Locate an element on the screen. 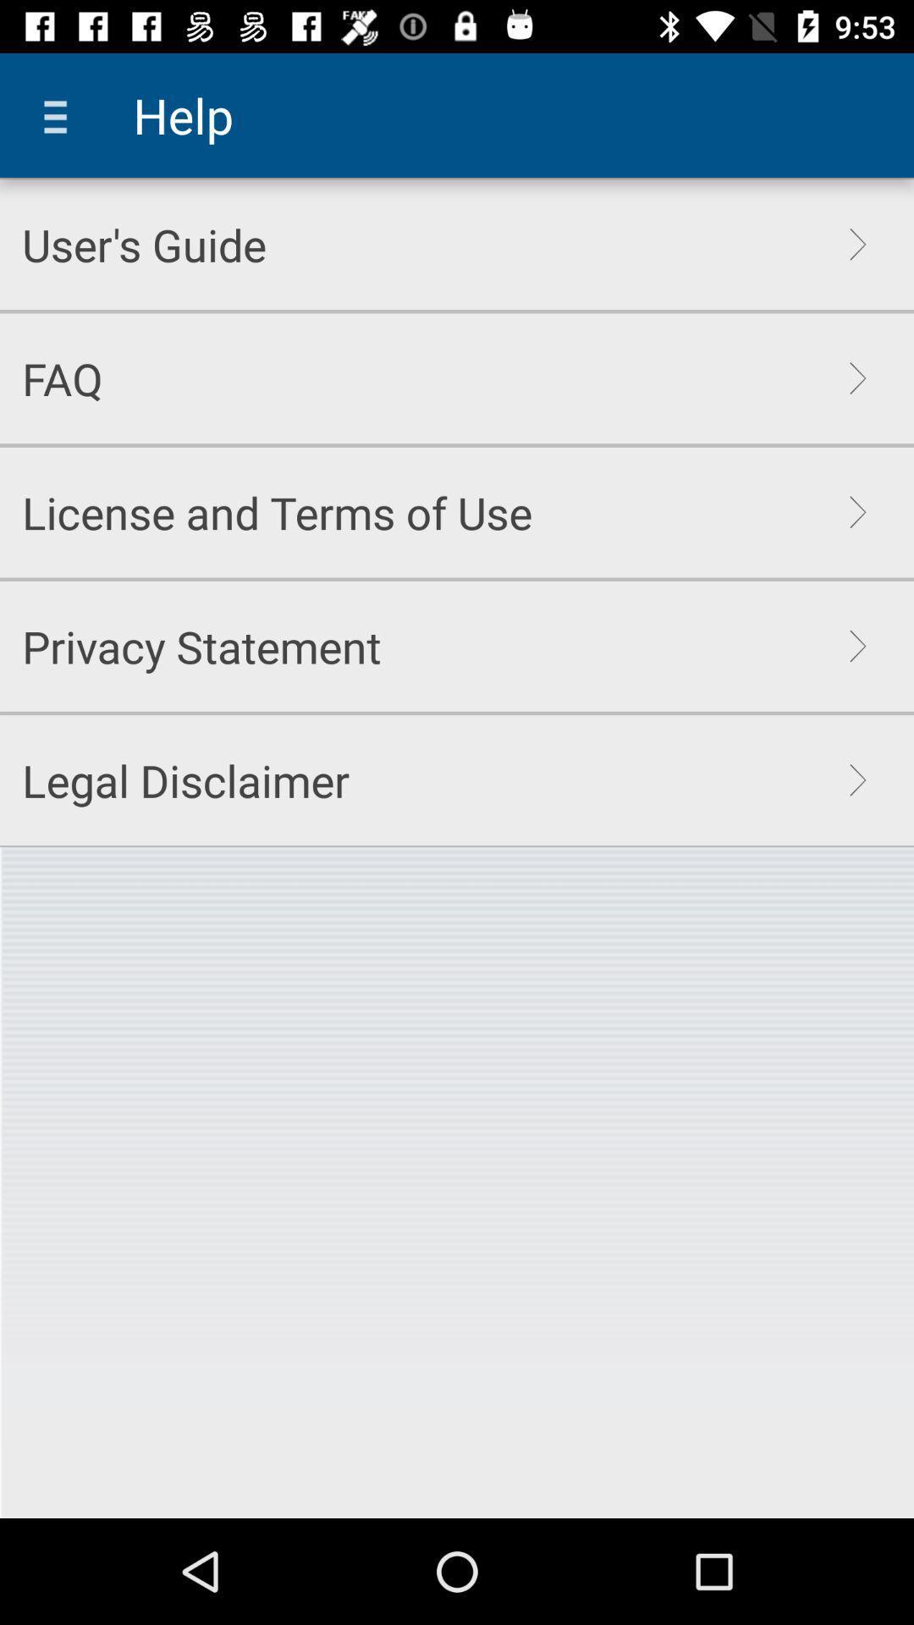  privacy statement is located at coordinates (201, 645).